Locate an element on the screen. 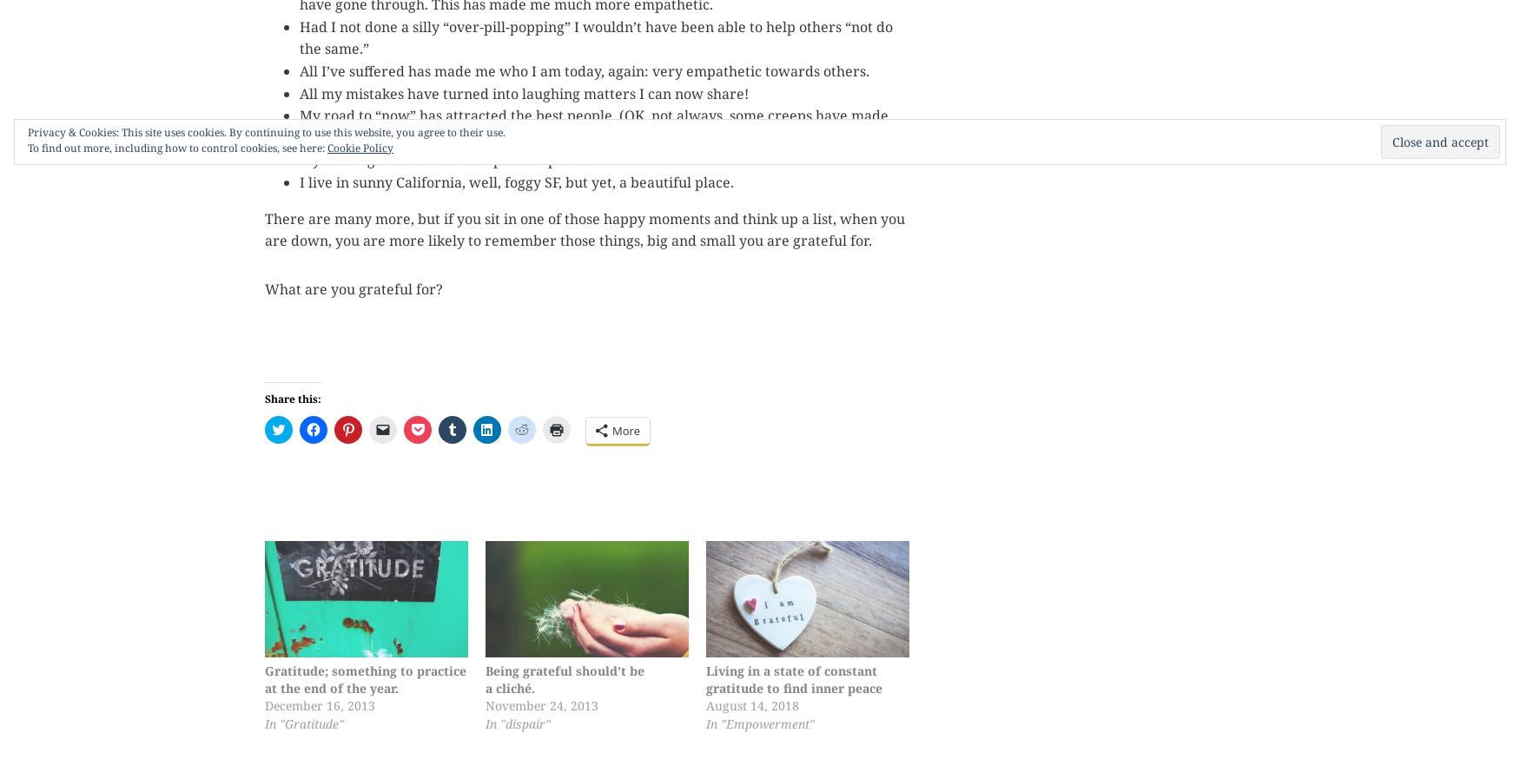 The height and width of the screenshot is (779, 1520). 'What are you grateful for?' is located at coordinates (353, 287).